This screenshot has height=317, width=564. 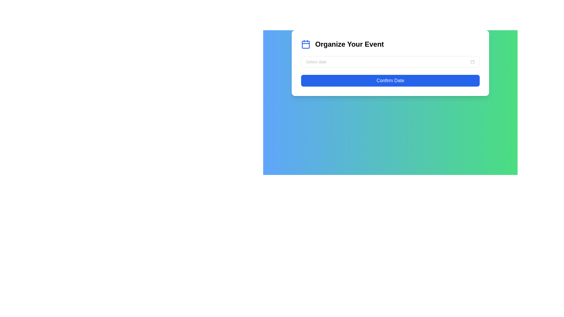 I want to click on the 'Confirm Date' button with a blue background and white text, located at the bottom of the 'Organize Your Event' panel, to trigger tooltip or visual feedback, so click(x=390, y=80).